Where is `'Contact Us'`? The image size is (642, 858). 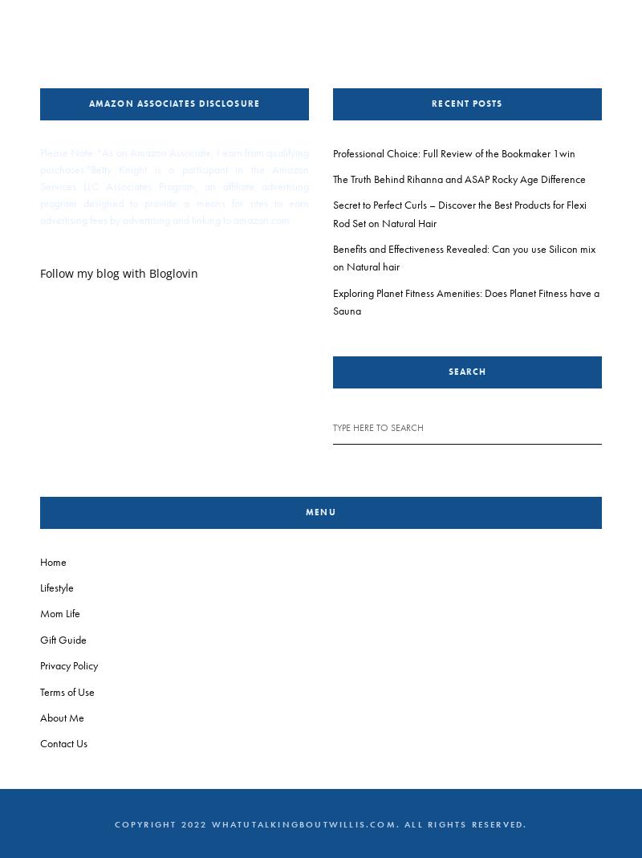
'Contact Us' is located at coordinates (63, 742).